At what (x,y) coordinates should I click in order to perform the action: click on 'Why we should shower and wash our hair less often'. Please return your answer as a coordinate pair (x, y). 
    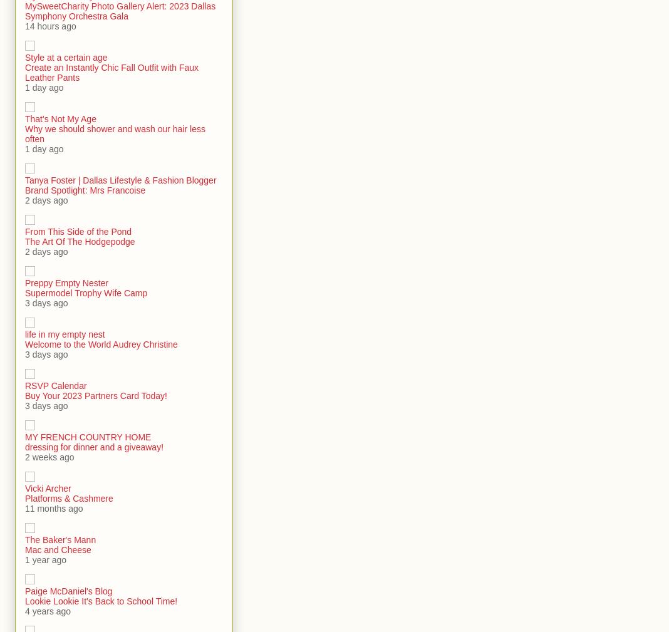
    Looking at the image, I should click on (115, 133).